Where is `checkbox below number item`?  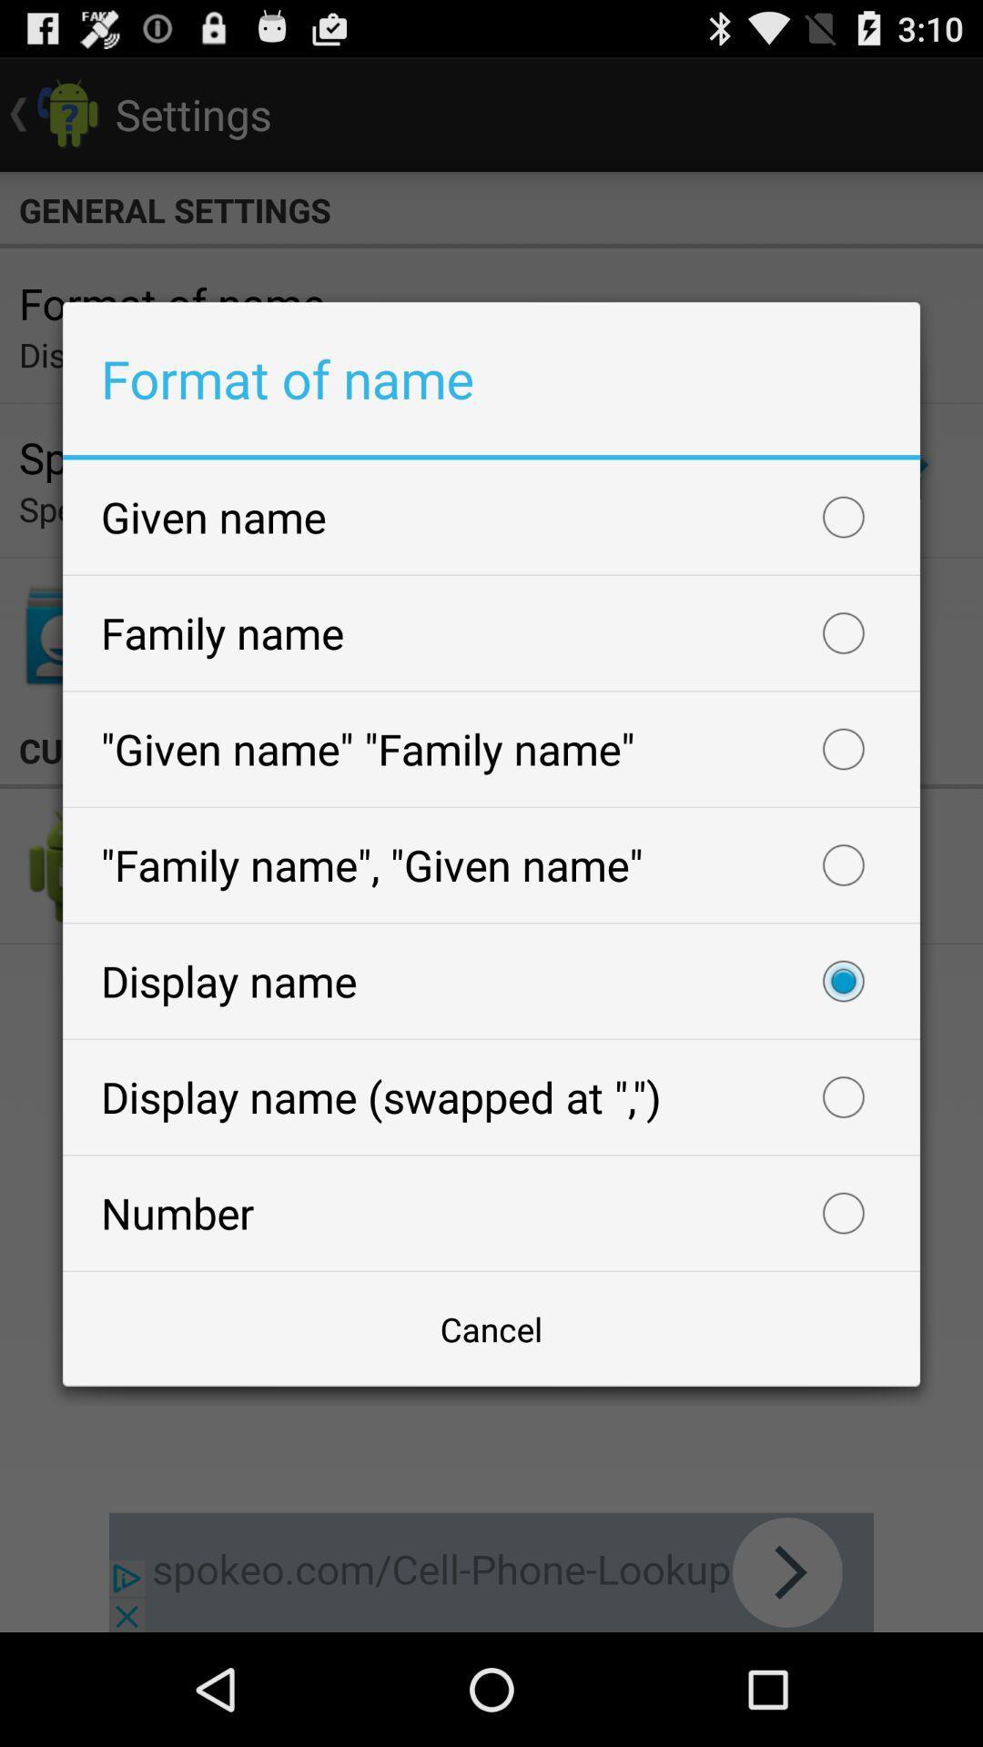
checkbox below number item is located at coordinates (491, 1328).